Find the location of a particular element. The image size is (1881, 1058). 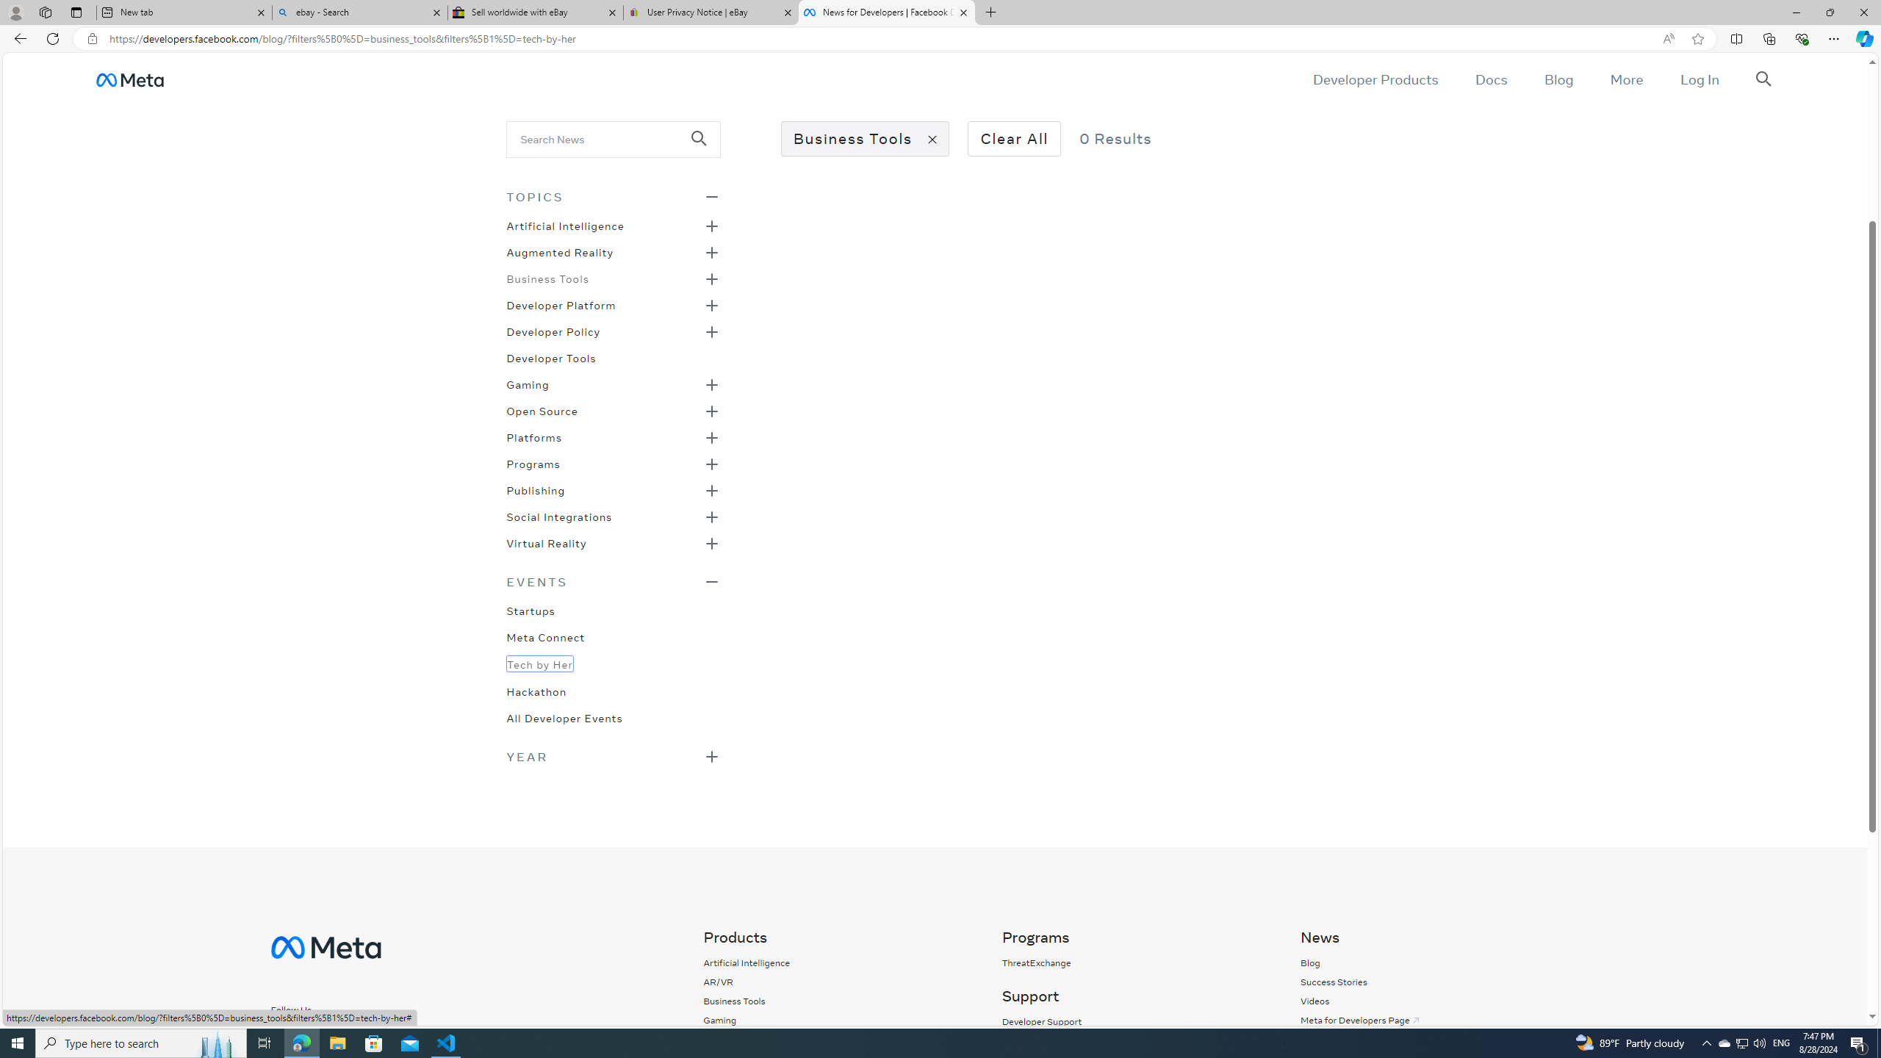

'Videos' is located at coordinates (1314, 1001).